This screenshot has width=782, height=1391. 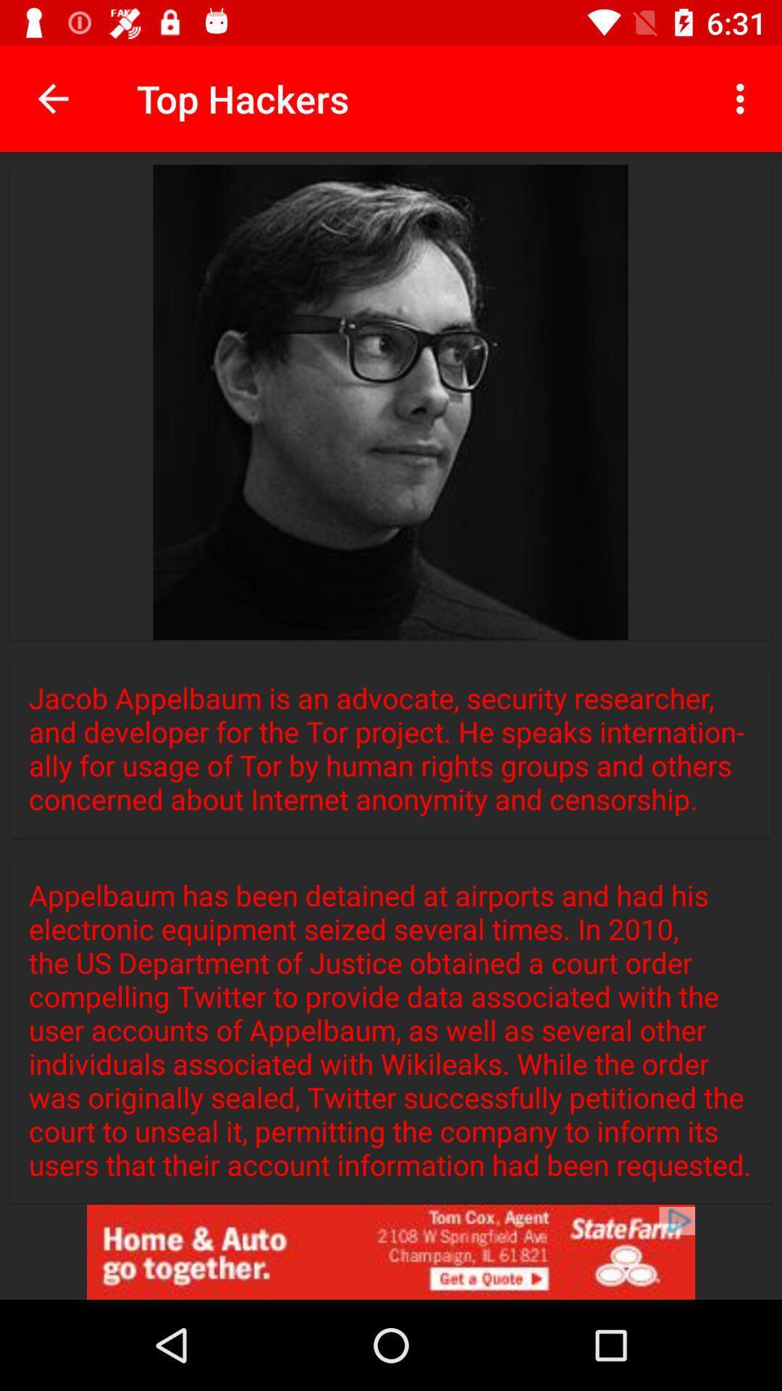 What do you see at coordinates (391, 1251) in the screenshot?
I see `link to advertisement` at bounding box center [391, 1251].